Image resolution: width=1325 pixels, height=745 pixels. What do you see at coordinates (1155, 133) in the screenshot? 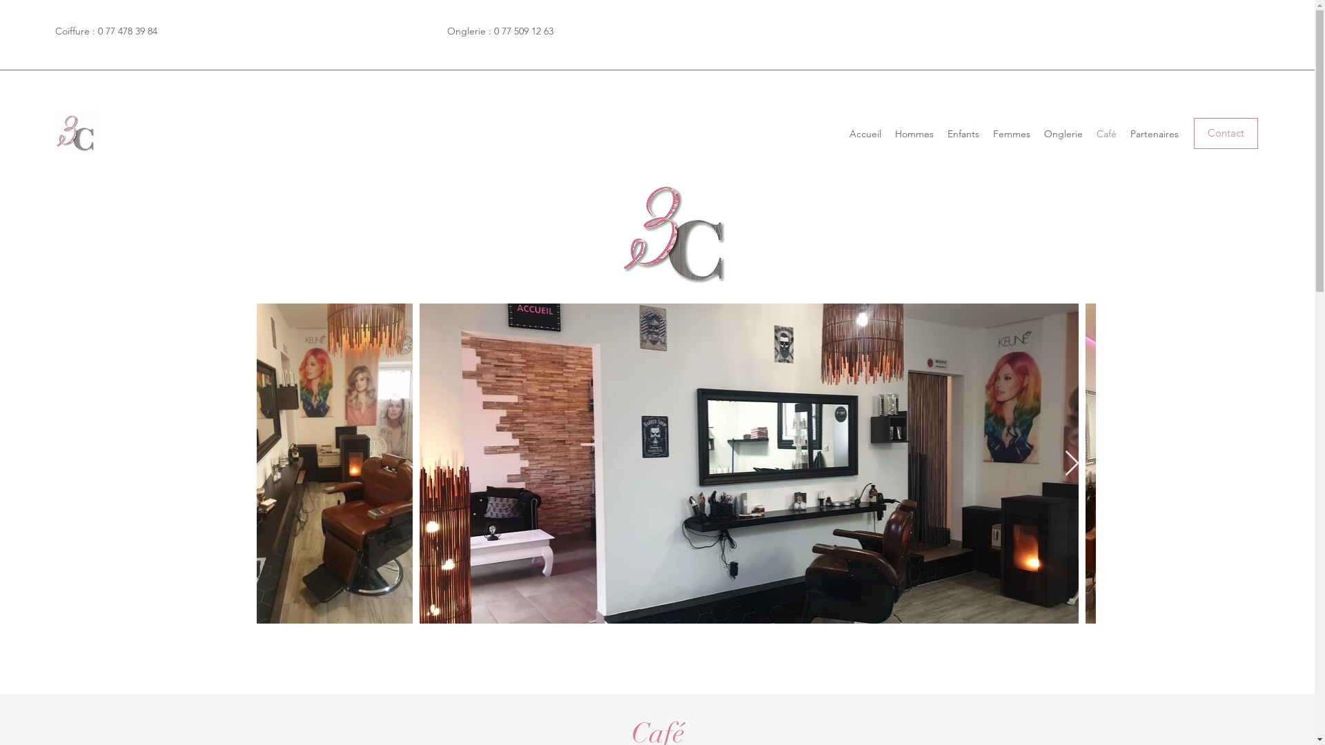
I see `'Partenaires'` at bounding box center [1155, 133].